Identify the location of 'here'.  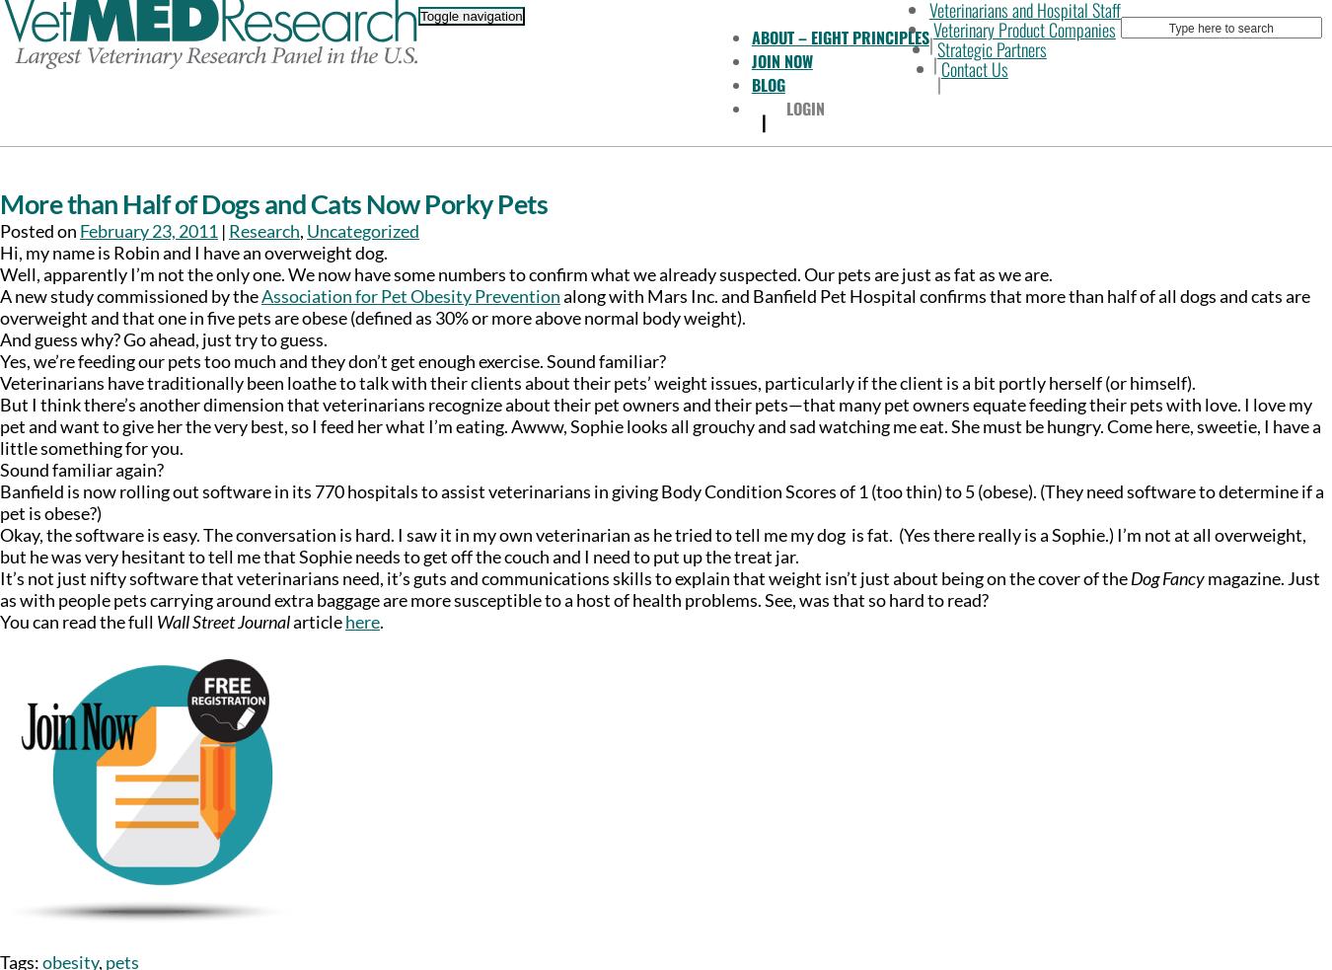
(362, 622).